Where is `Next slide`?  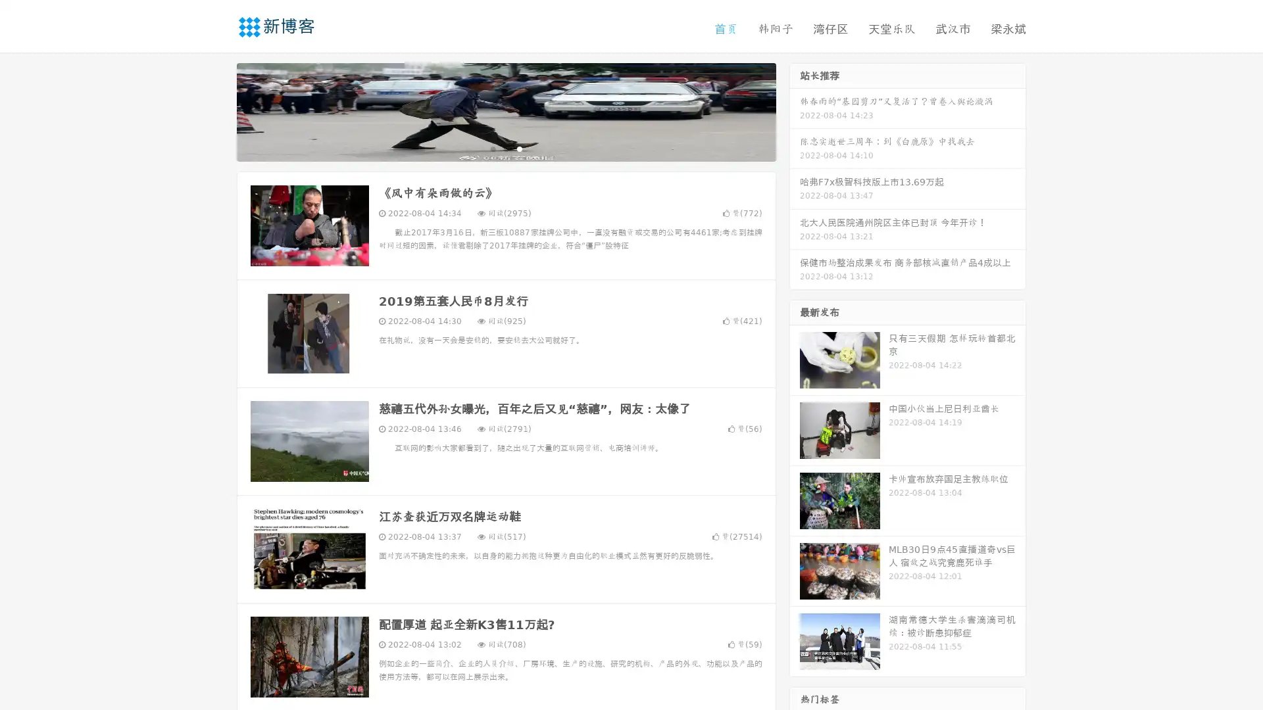 Next slide is located at coordinates (795, 110).